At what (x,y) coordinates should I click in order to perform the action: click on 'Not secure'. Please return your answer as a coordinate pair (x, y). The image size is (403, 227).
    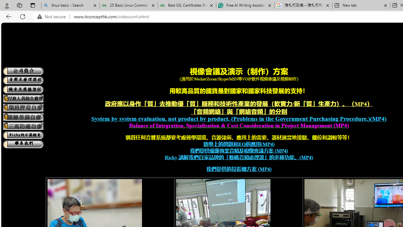
    Looking at the image, I should click on (53, 16).